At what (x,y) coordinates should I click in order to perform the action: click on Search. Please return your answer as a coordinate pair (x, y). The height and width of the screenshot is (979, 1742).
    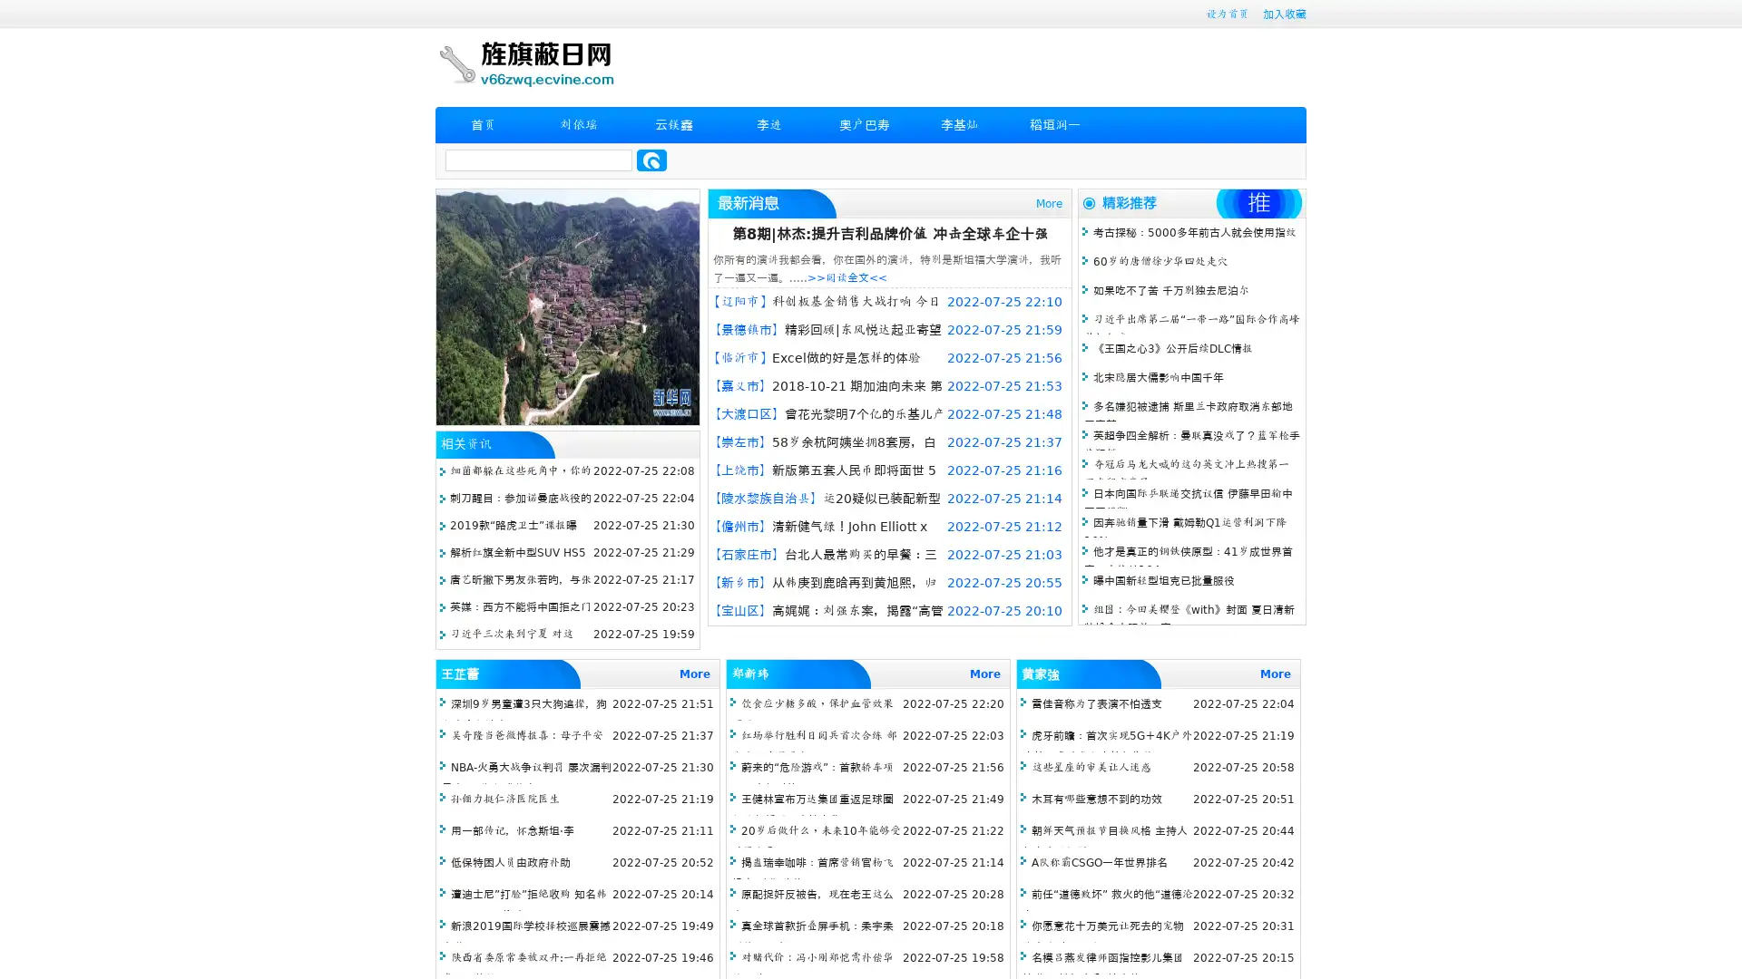
    Looking at the image, I should click on (651, 160).